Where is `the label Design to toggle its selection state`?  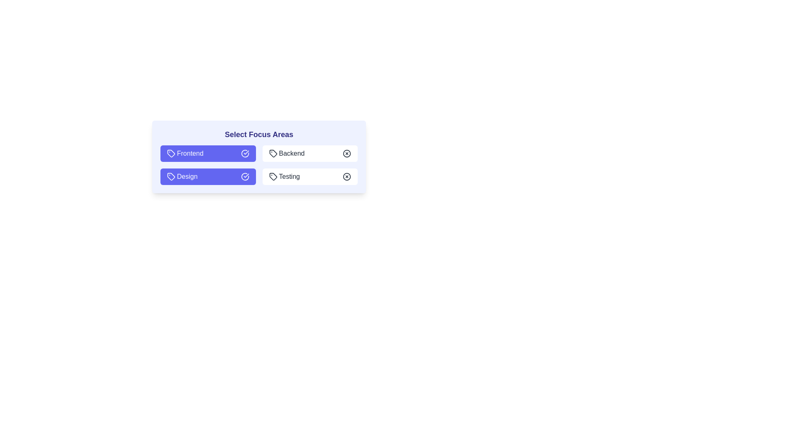 the label Design to toggle its selection state is located at coordinates (208, 176).